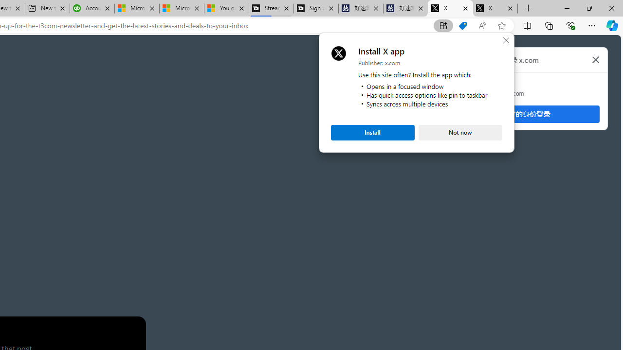  Describe the element at coordinates (588, 8) in the screenshot. I see `'Restore'` at that location.